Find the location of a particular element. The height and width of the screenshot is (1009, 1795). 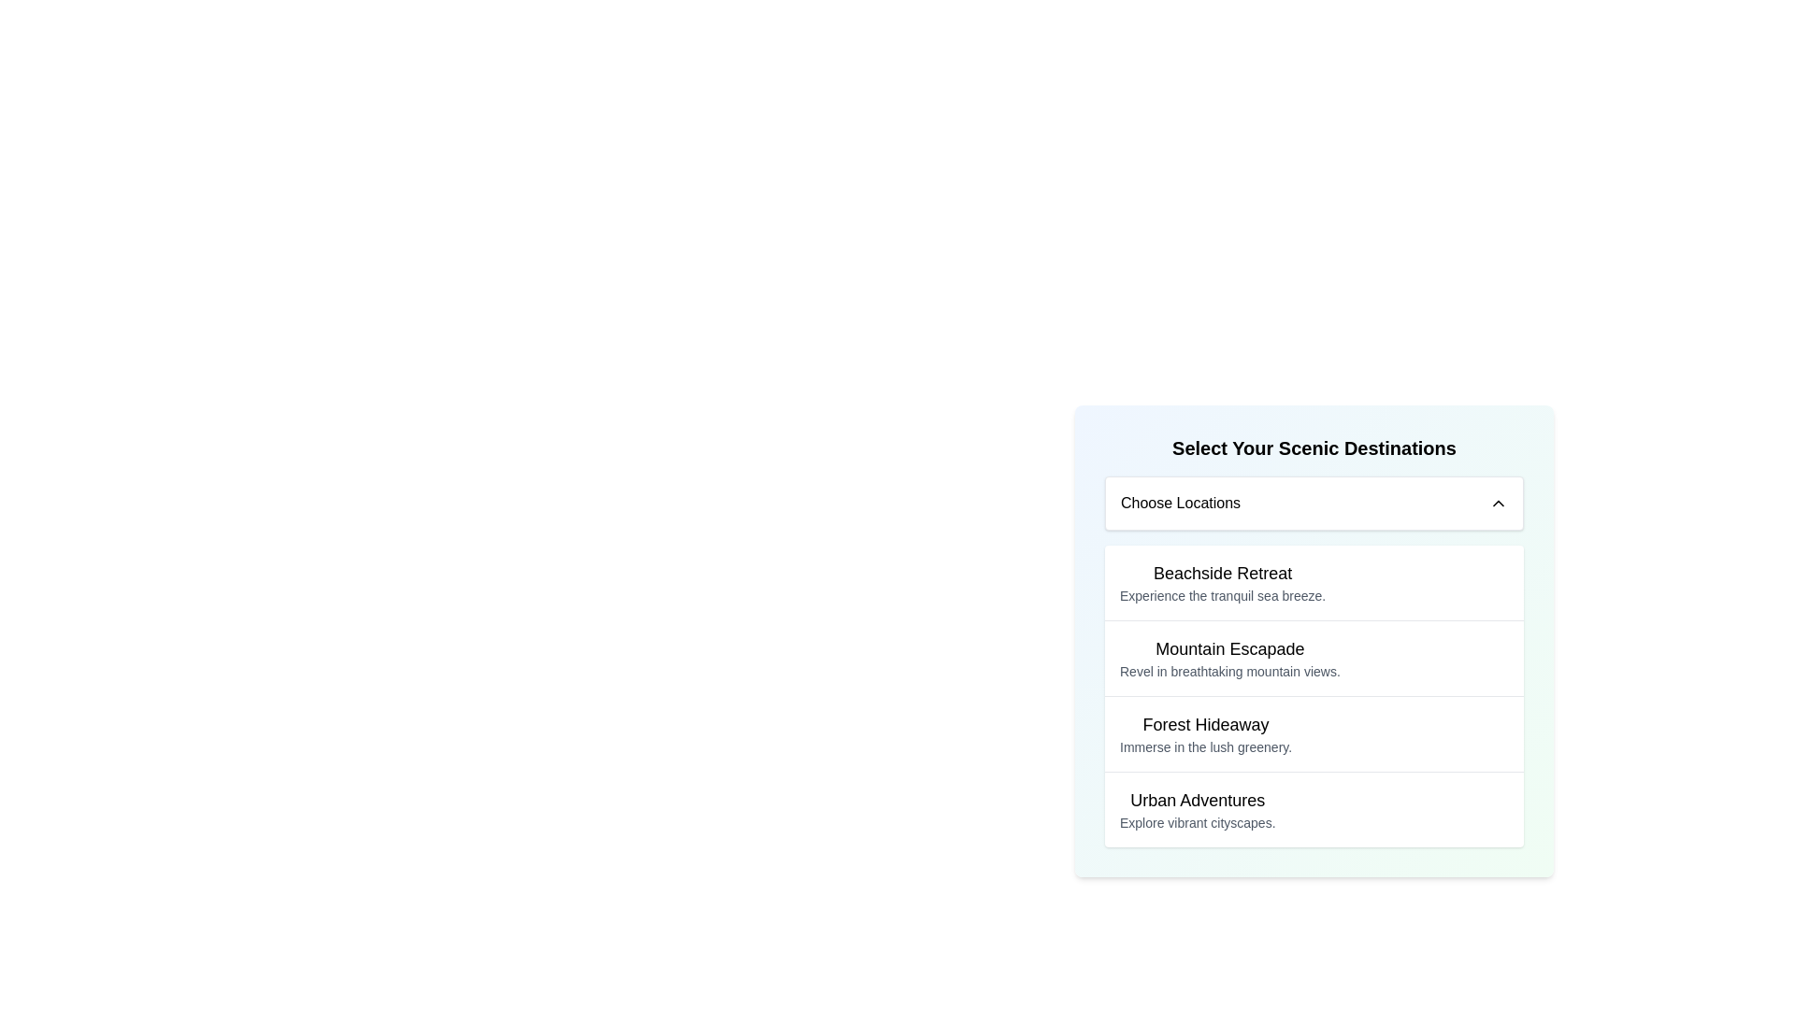

the Dropdown menu trigger labeled 'Choose Locations' is located at coordinates (1314, 503).